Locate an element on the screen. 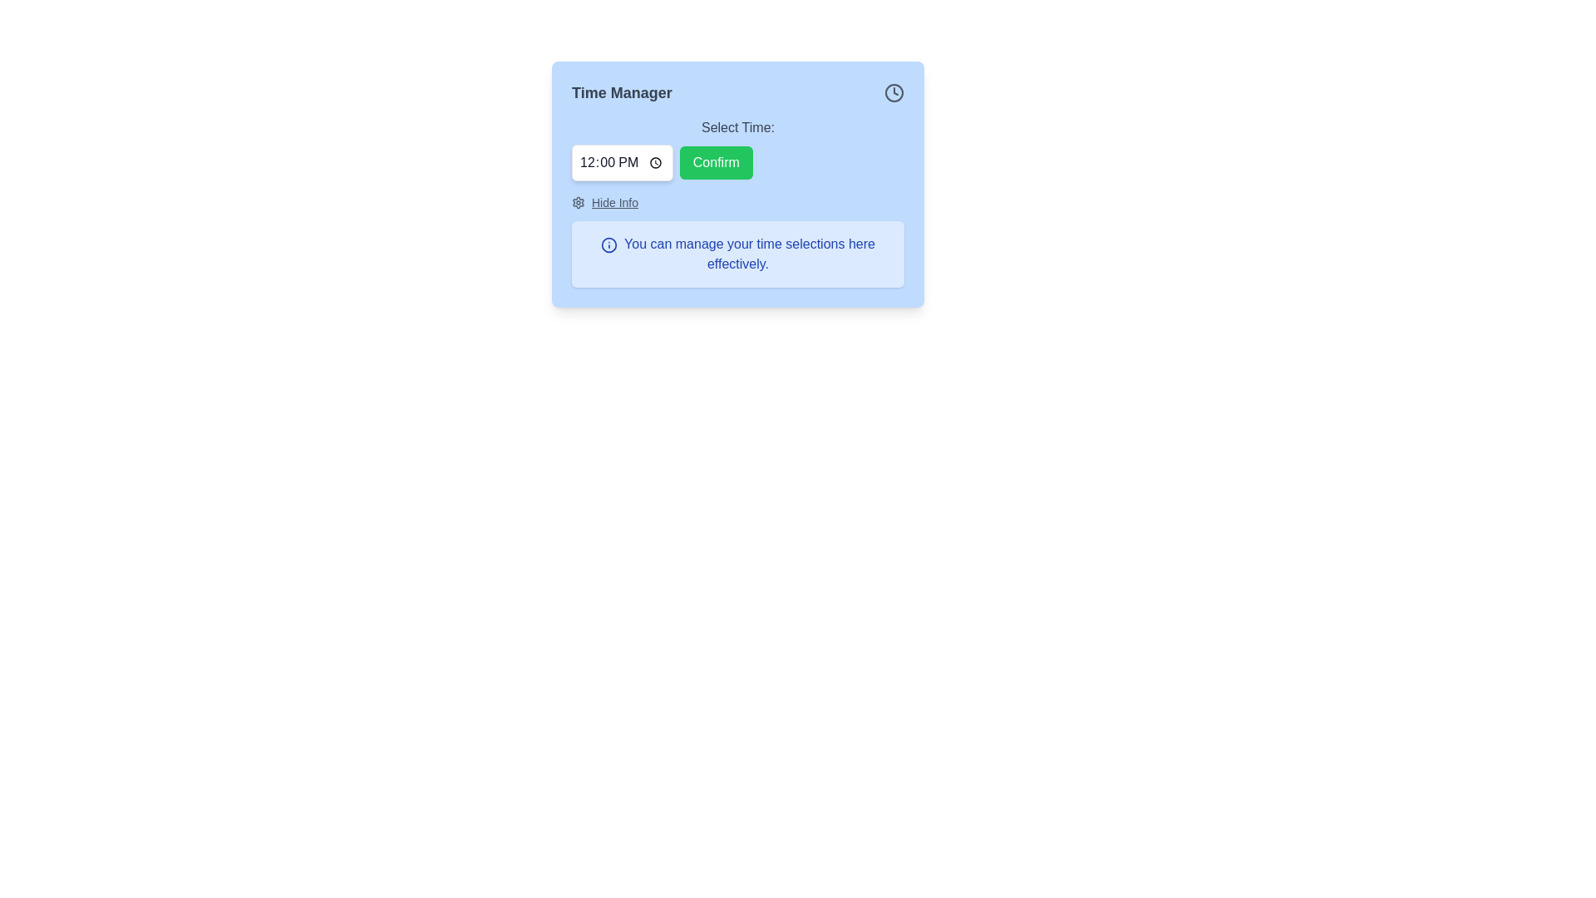  the clock icon located at the top-right corner of the blue dialog box, adjacent to the 'Time Manager' title is located at coordinates (893, 92).